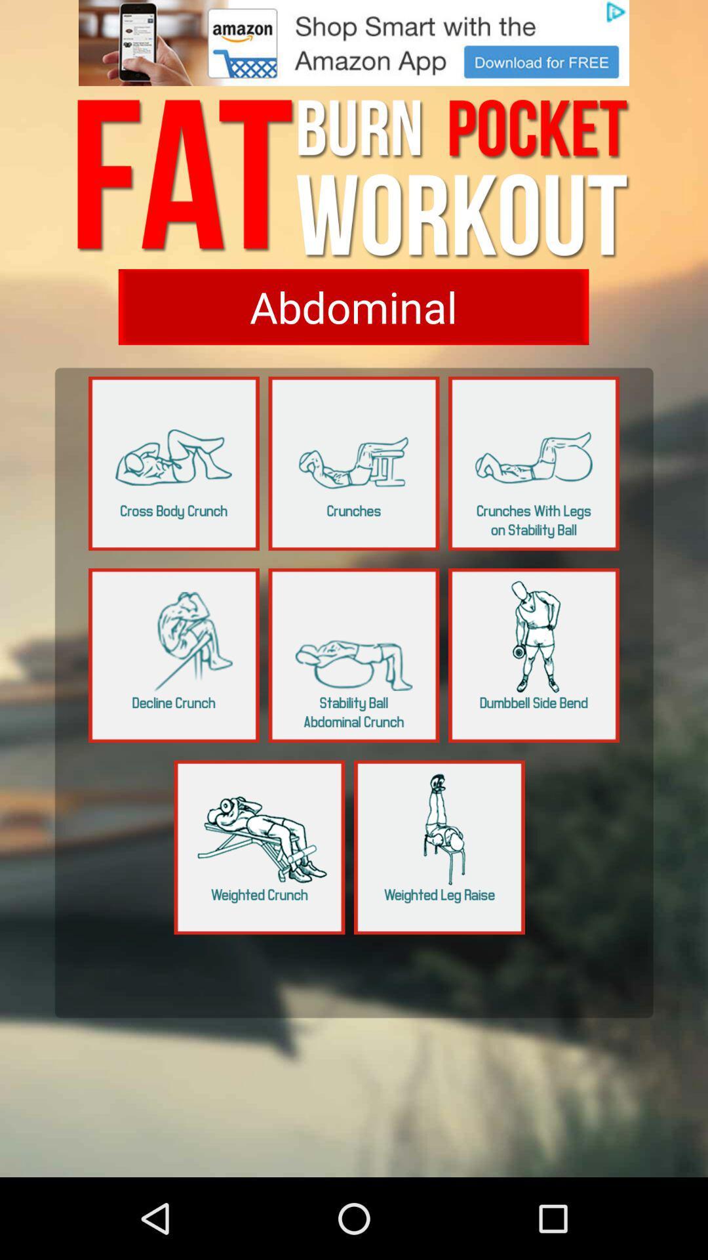  Describe the element at coordinates (354, 655) in the screenshot. I see `choose the selection` at that location.